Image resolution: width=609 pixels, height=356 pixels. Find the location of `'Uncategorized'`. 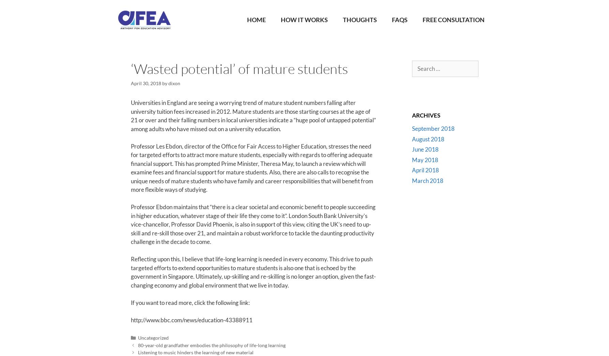

'Uncategorized' is located at coordinates (138, 338).